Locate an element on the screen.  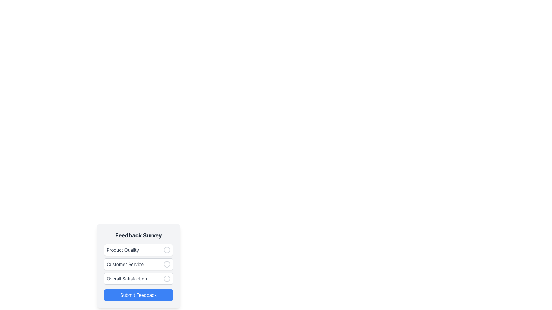
the circular radio button located to the right of the text 'Customer Service' in the feedback form layout is located at coordinates (166, 264).